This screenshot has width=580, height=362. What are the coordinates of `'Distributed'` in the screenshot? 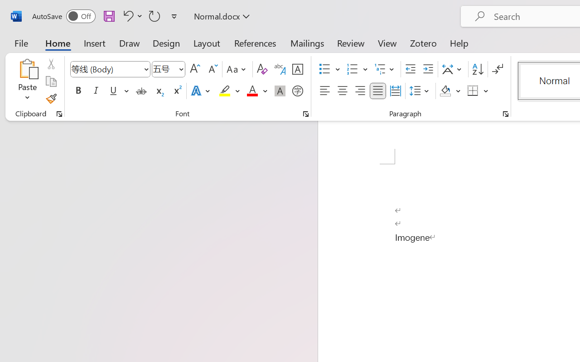 It's located at (395, 91).